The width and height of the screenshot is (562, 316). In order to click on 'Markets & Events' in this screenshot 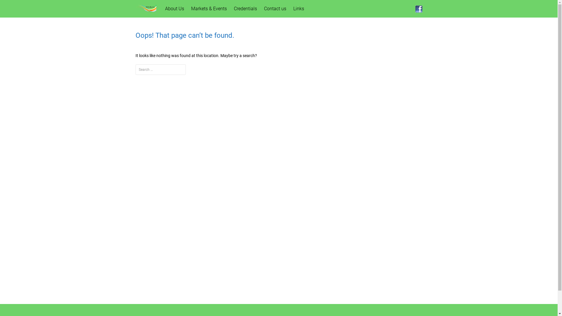, I will do `click(209, 9)`.